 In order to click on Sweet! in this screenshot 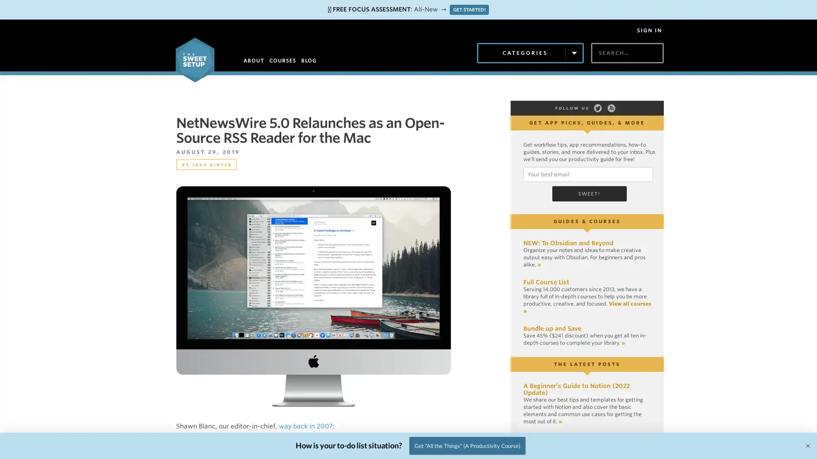, I will do `click(588, 193)`.